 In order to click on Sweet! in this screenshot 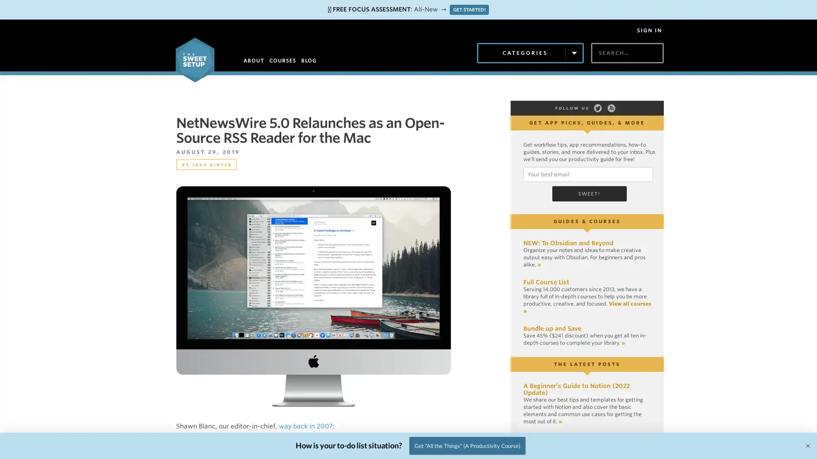, I will do `click(588, 193)`.